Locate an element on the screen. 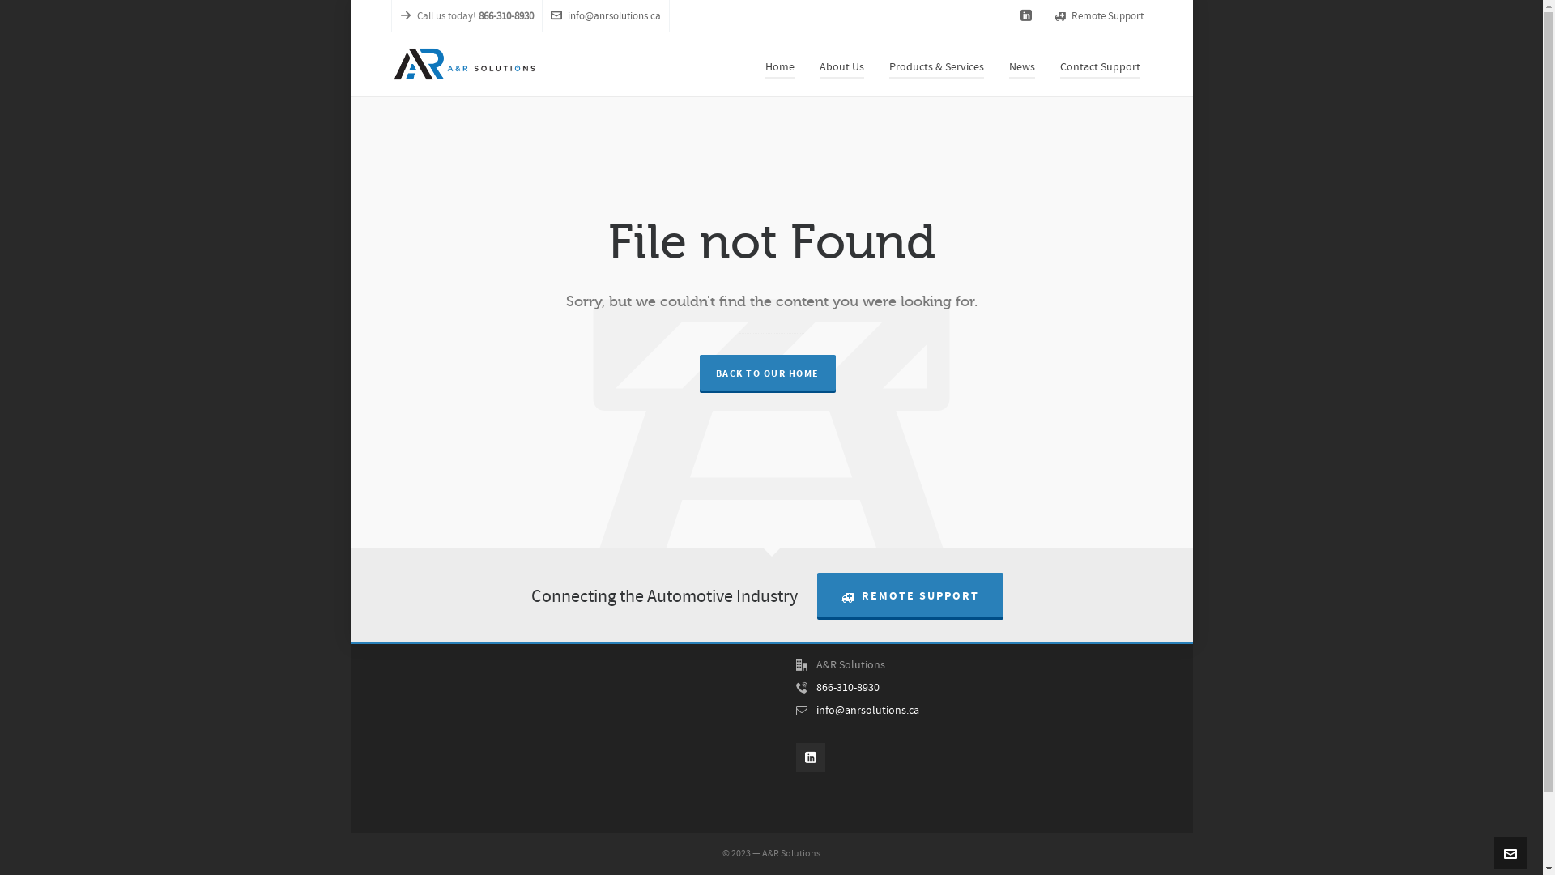 The width and height of the screenshot is (1555, 875). 'Products & Services' is located at coordinates (875, 64).